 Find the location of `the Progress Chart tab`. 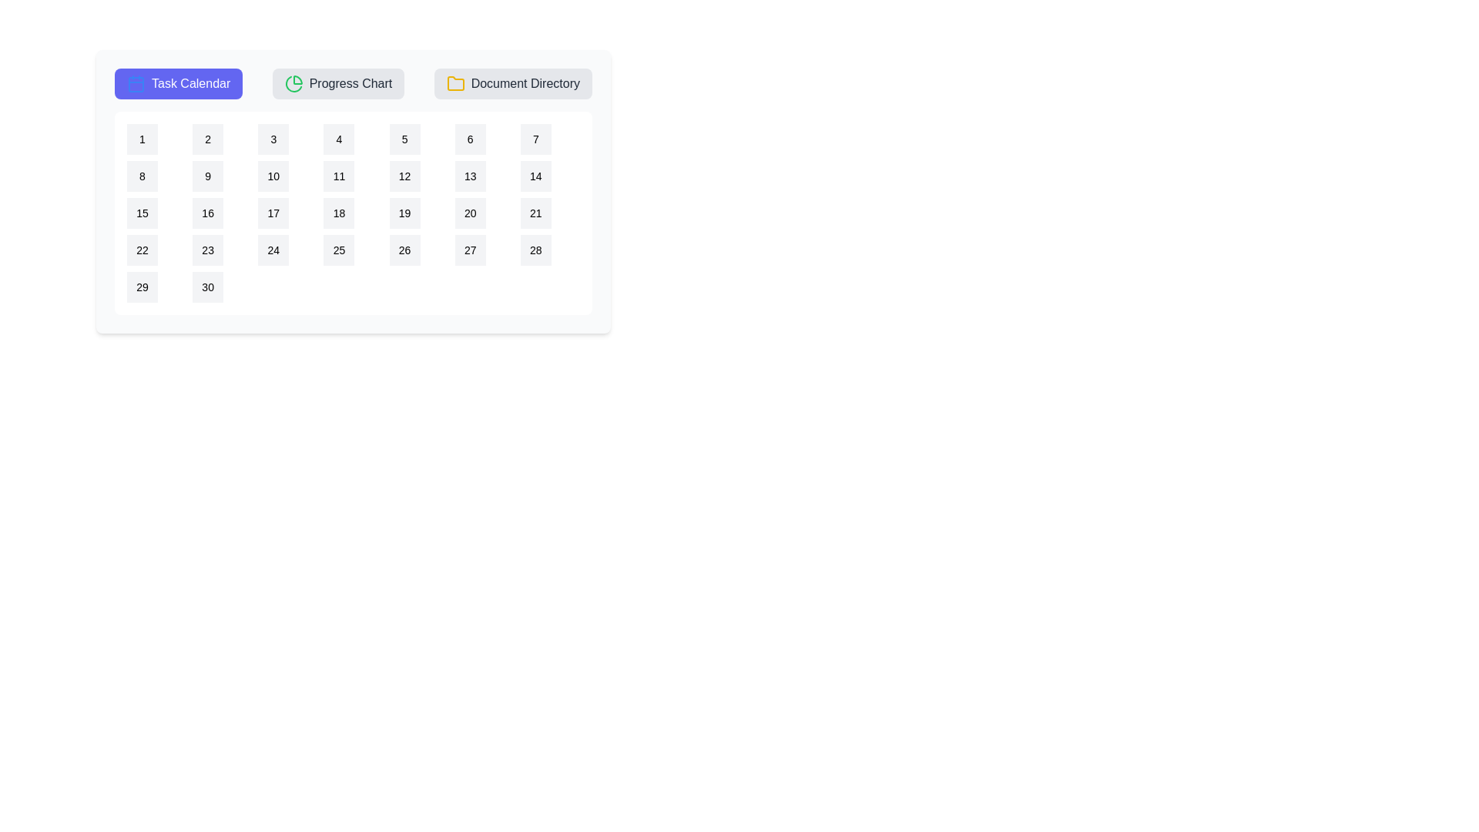

the Progress Chart tab is located at coordinates (337, 83).